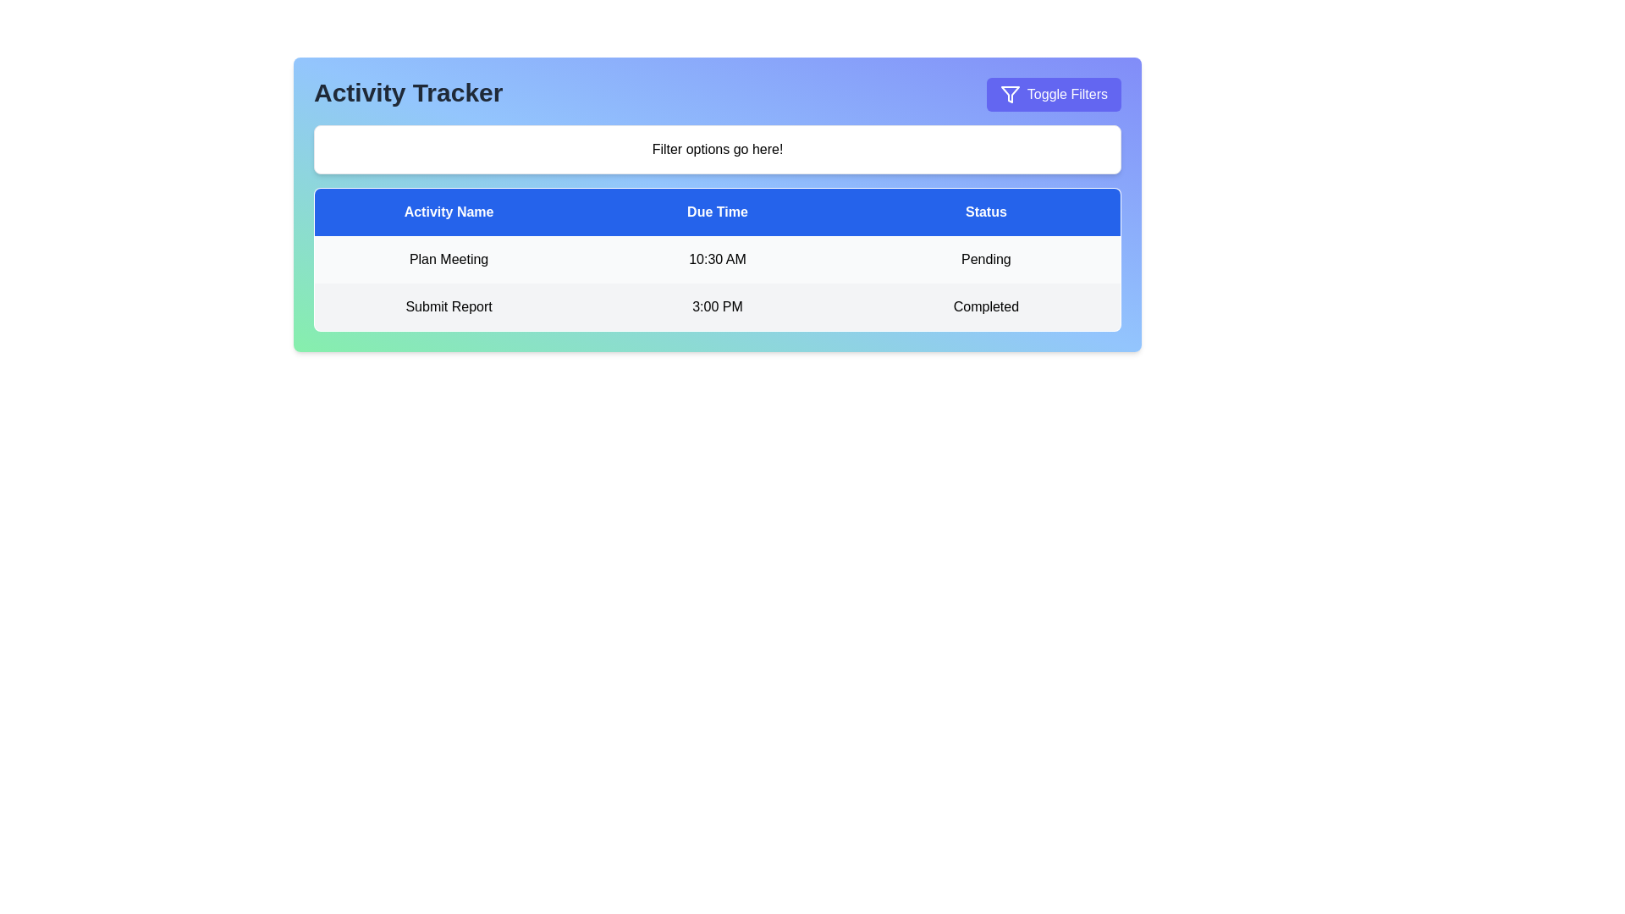 This screenshot has height=914, width=1625. What do you see at coordinates (449, 211) in the screenshot?
I see `the first column header which indicates activity names, located at the far left of the header row` at bounding box center [449, 211].